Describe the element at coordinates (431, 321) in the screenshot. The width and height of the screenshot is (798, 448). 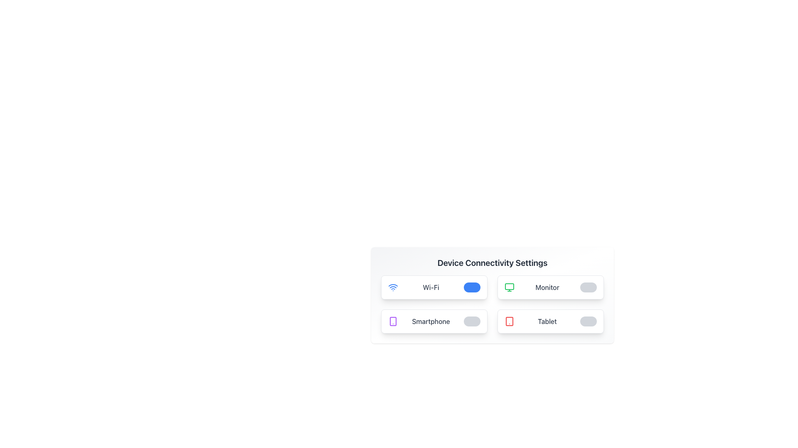
I see `the third text label in the bottom-left section of the connectivity settings grid layout, which serves as a descriptive identifier for an associated toggle or feature` at that location.